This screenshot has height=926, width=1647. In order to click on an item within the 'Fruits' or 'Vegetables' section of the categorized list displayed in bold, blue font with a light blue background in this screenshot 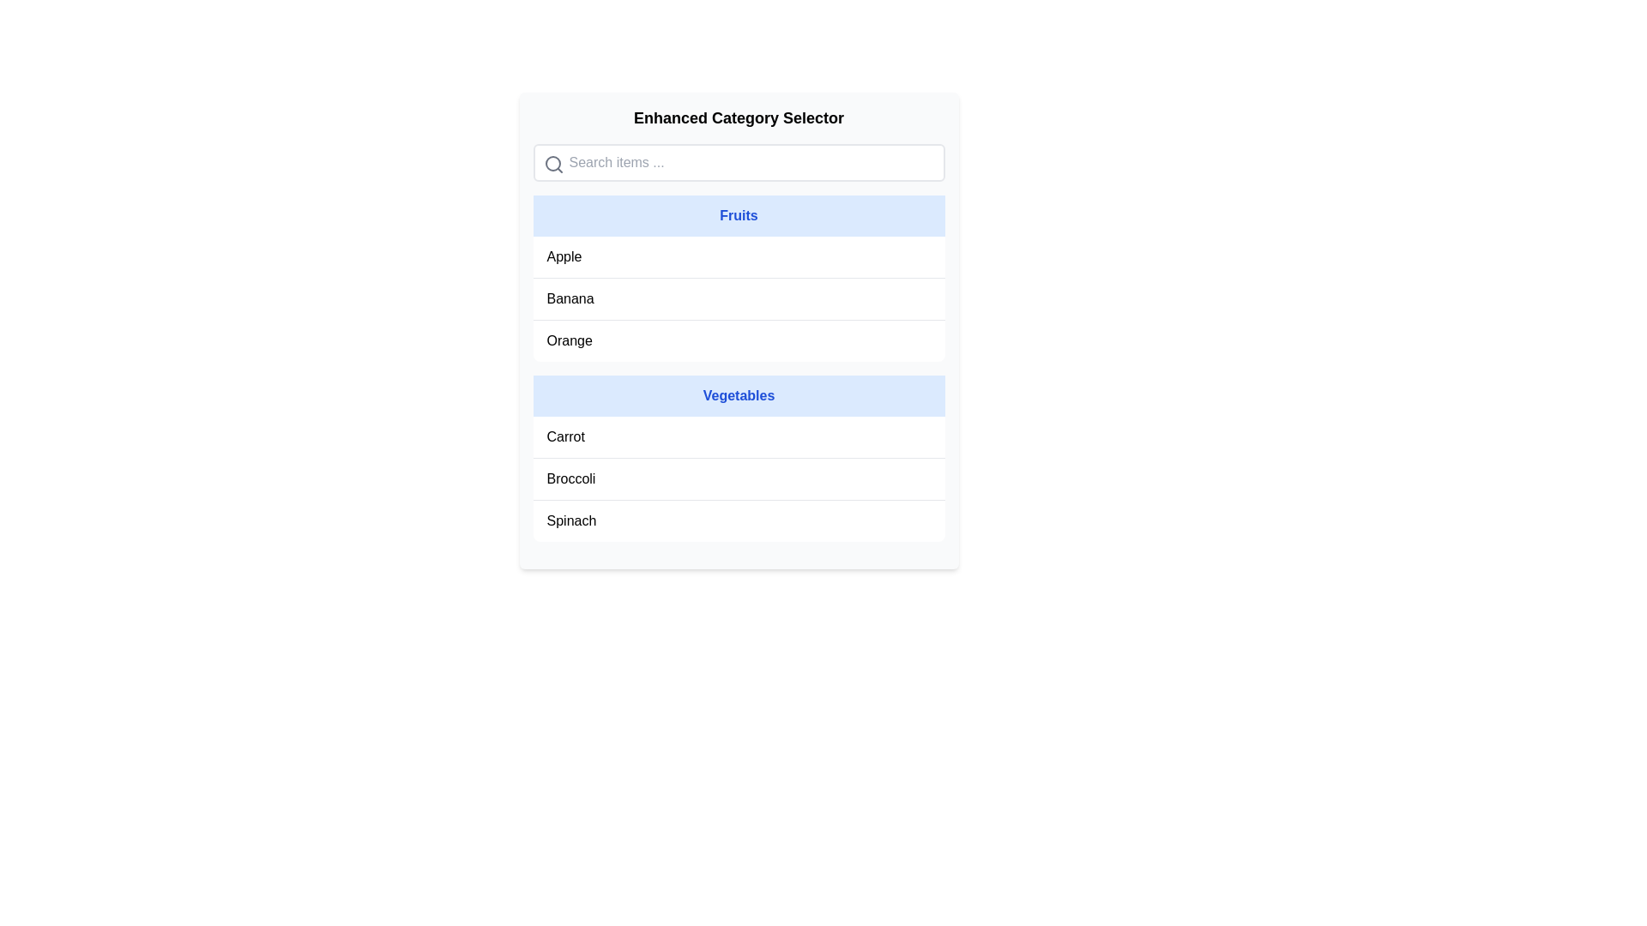, I will do `click(739, 375)`.